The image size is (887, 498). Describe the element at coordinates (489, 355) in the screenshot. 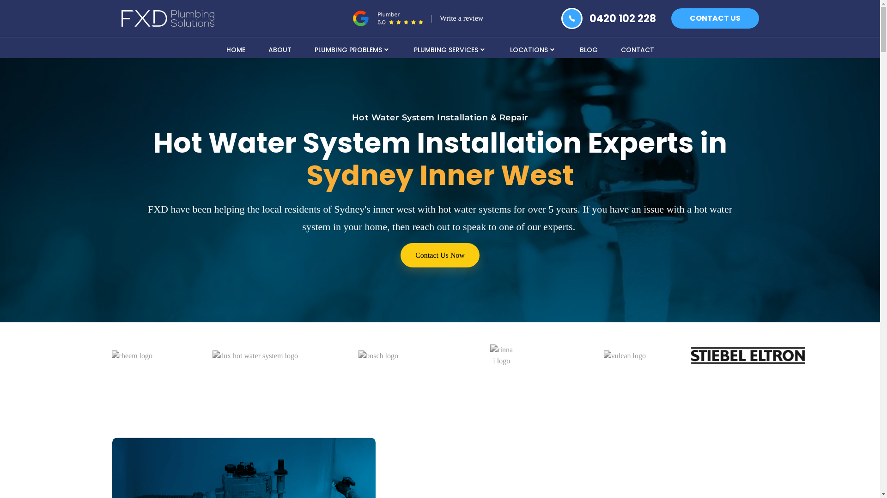

I see `'rinnai logo'` at that location.